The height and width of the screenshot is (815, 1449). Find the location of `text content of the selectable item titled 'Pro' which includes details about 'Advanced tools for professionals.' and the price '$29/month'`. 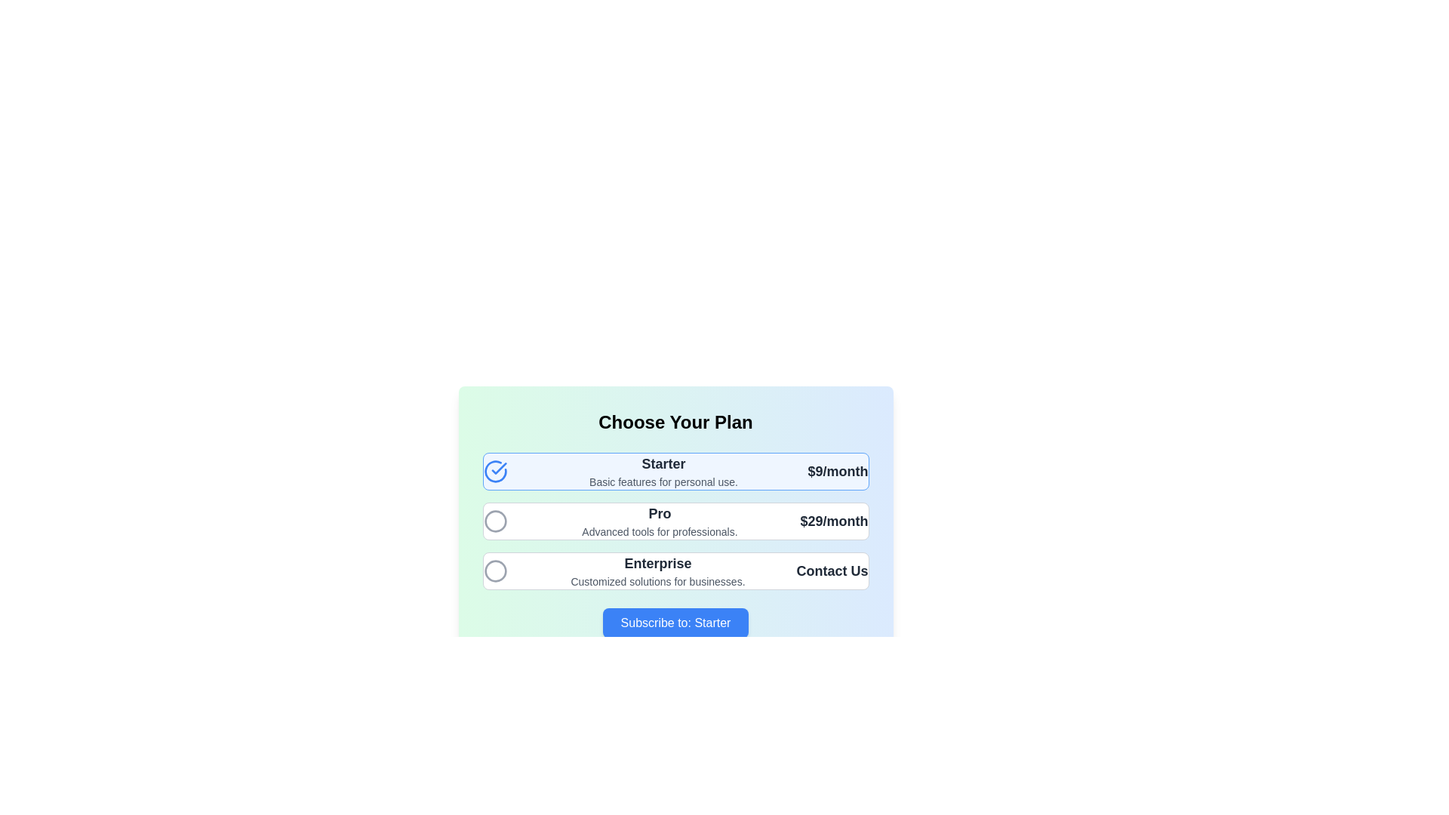

text content of the selectable item titled 'Pro' which includes details about 'Advanced tools for professionals.' and the price '$29/month' is located at coordinates (675, 520).